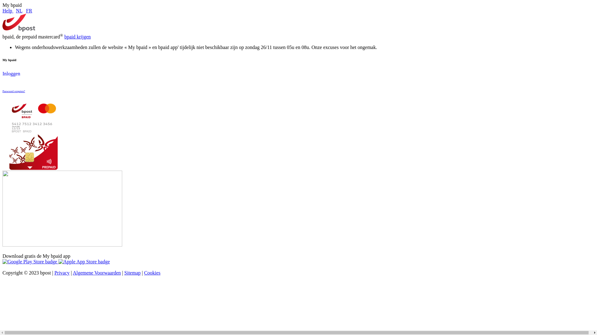  Describe the element at coordinates (96, 272) in the screenshot. I see `'Algemene Voorwaarden'` at that location.